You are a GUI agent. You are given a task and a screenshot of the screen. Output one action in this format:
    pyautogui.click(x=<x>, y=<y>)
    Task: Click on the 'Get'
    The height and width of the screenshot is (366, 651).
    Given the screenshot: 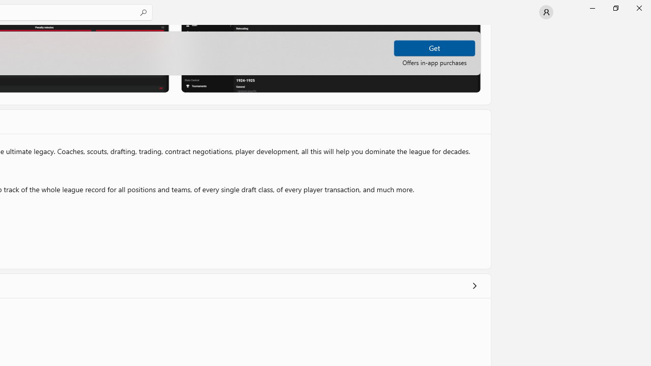 What is the action you would take?
    pyautogui.click(x=434, y=48)
    